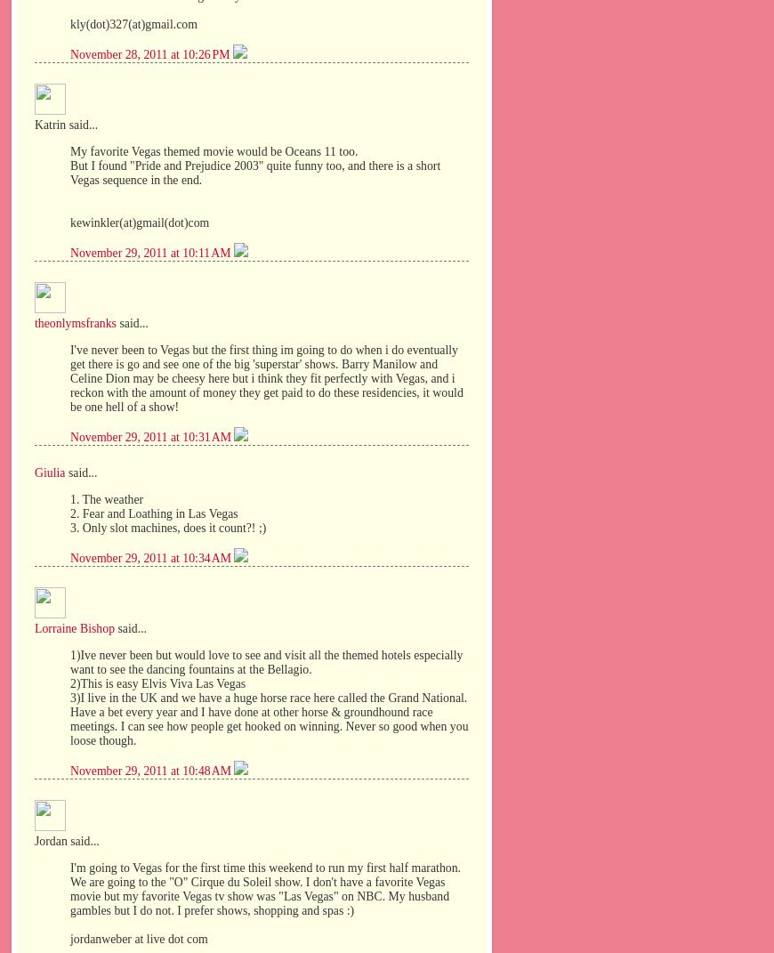 This screenshot has height=953, width=774. I want to click on 'I'm going to Vegas for the first time this weekend to run my first half marathon.  We are going to the "O" Cirque du Soleil show.  I don't have a favorite Vegas movie but my favorite Vegas tv show was "Las Vegas" on NBC.  My husband gambles but I do not.  I prefer shows, shopping and spas :)', so click(265, 888).